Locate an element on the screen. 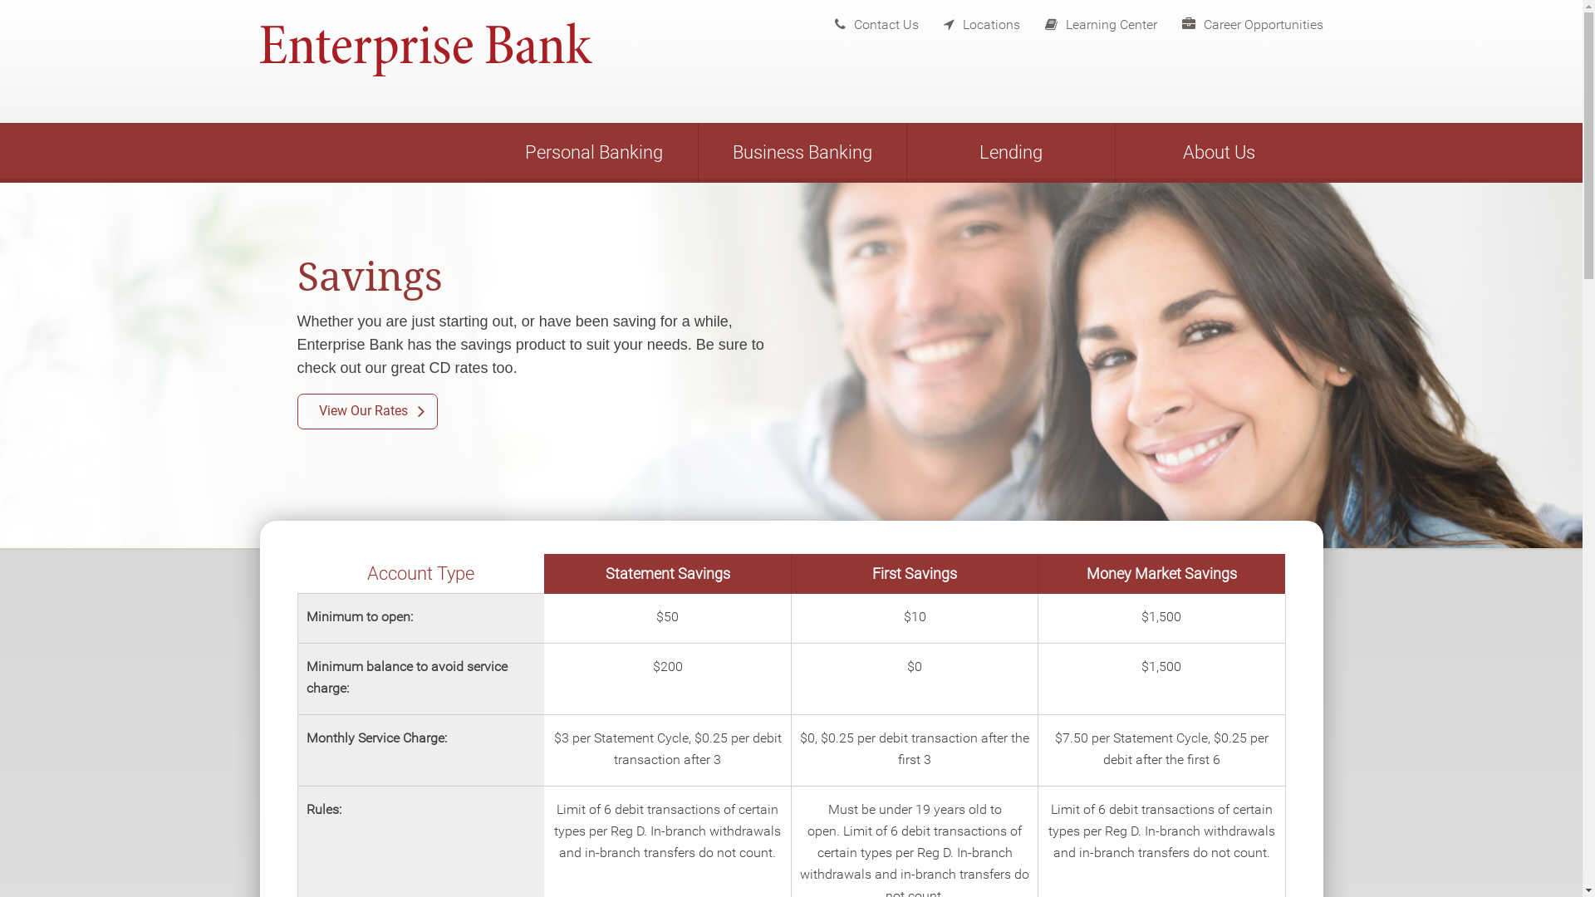 This screenshot has width=1595, height=897. 'Learning Center' is located at coordinates (1019, 20).